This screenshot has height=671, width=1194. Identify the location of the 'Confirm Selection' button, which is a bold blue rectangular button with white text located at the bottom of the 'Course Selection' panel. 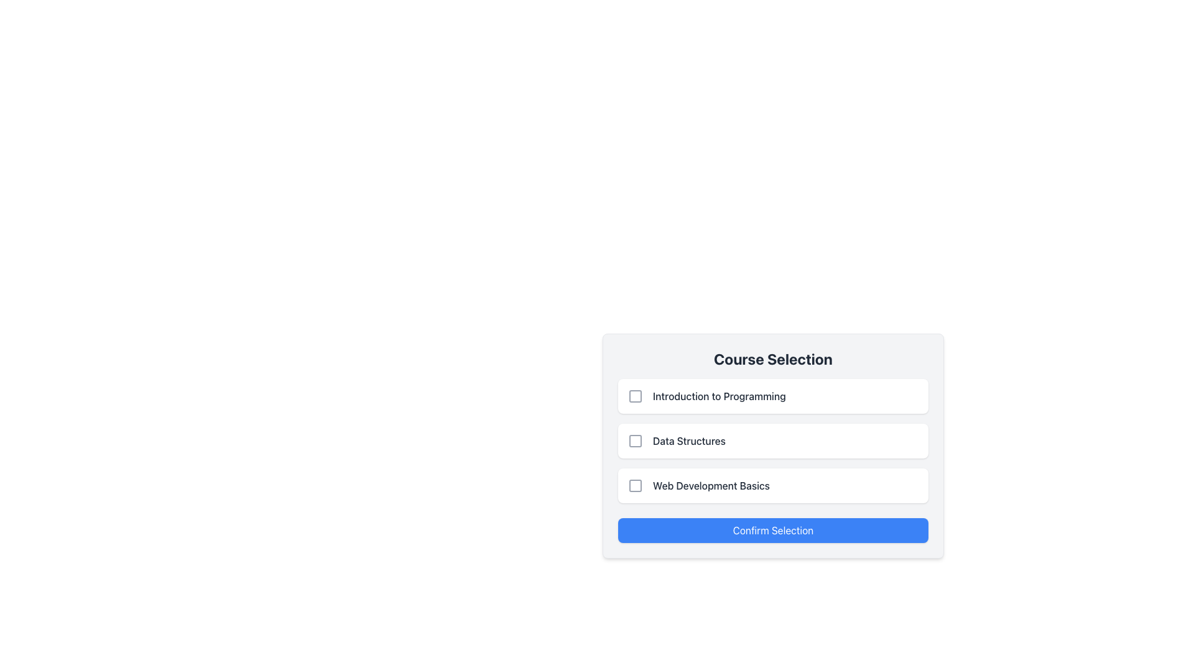
(772, 530).